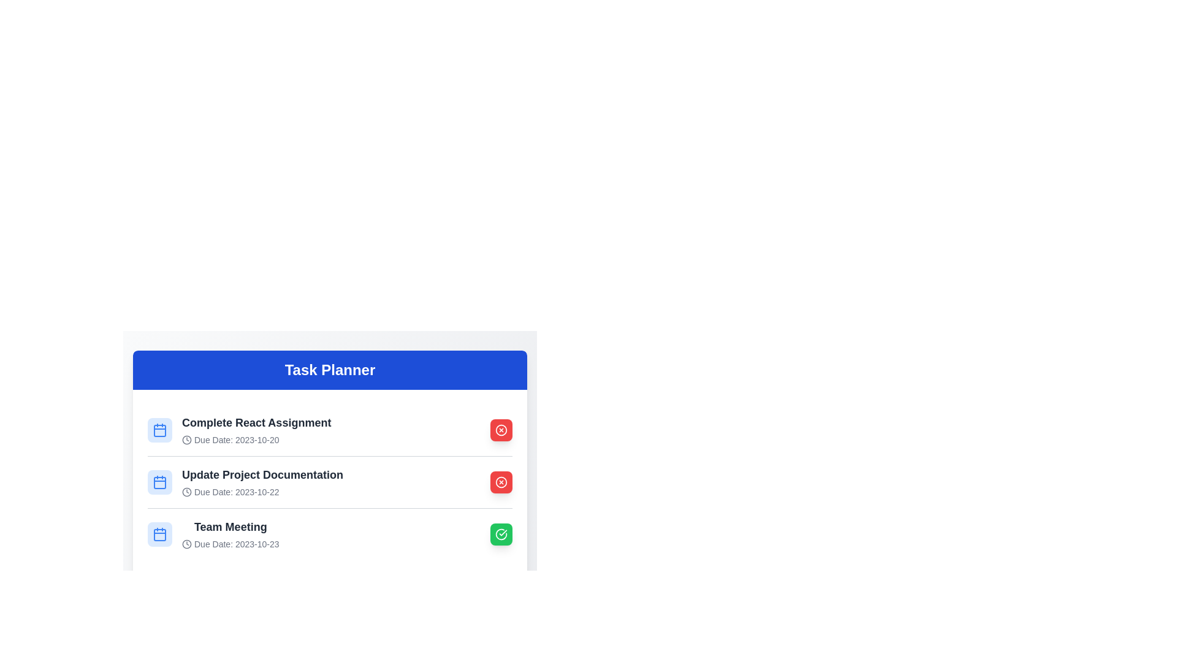  I want to click on the clock icon, which features a circle outline and clock hands, positioned to the left of the 'Due Date: 2023-10-20' text in the 'Complete React Assignment' section under the 'Task Planner' header, so click(186, 439).